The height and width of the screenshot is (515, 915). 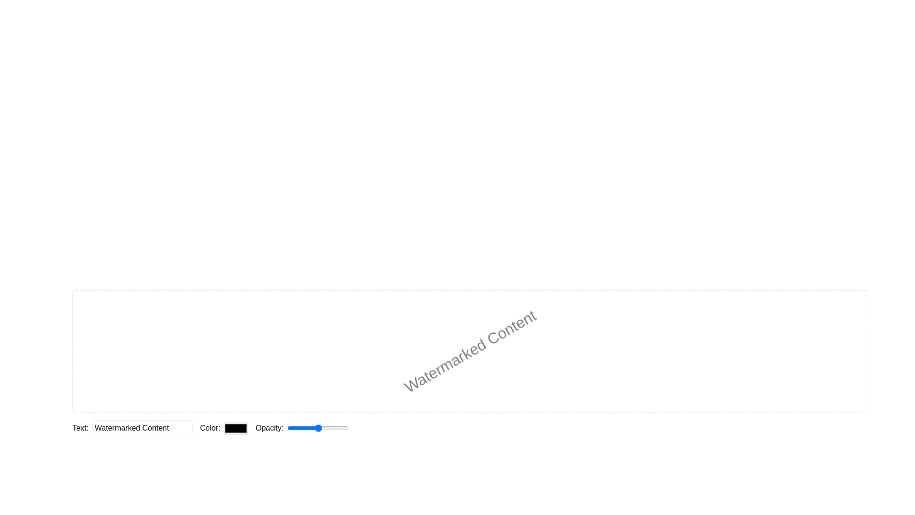 I want to click on the Text Label that indicates the purpose of the associated color picker input field, located to the left of the color picker input field, so click(x=210, y=428).